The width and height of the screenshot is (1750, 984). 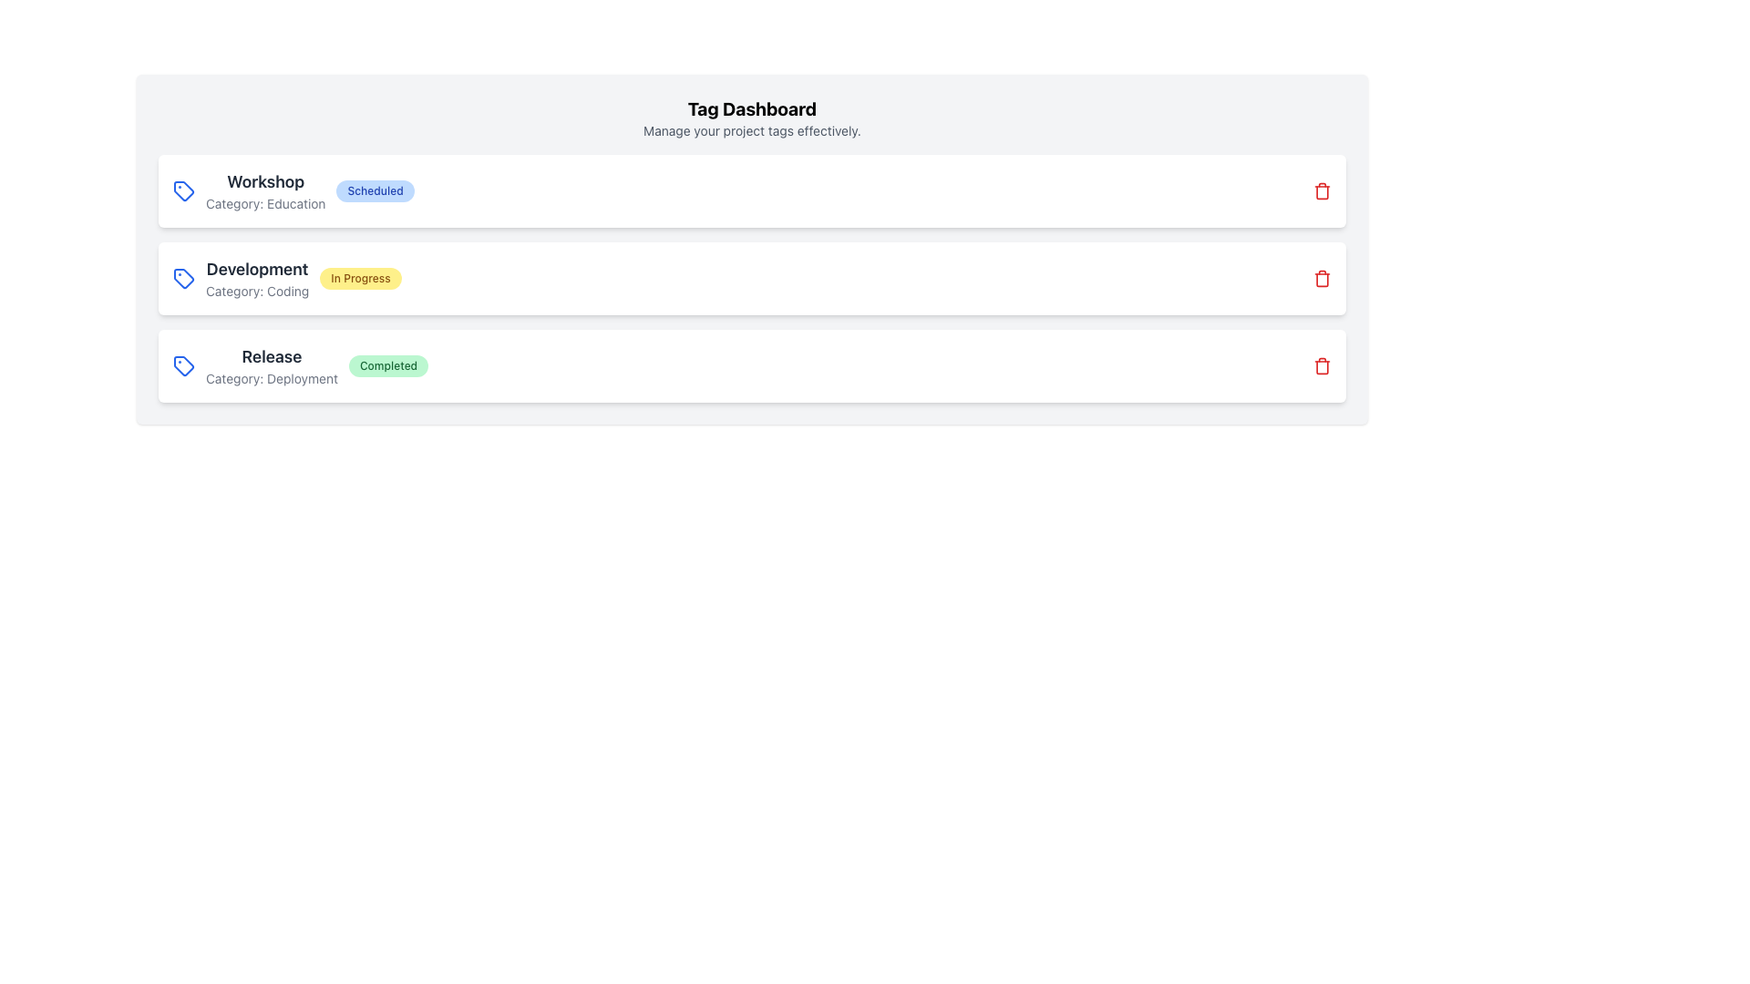 I want to click on the stylized trash can icon located in the 'Release' row, so click(x=1322, y=280).